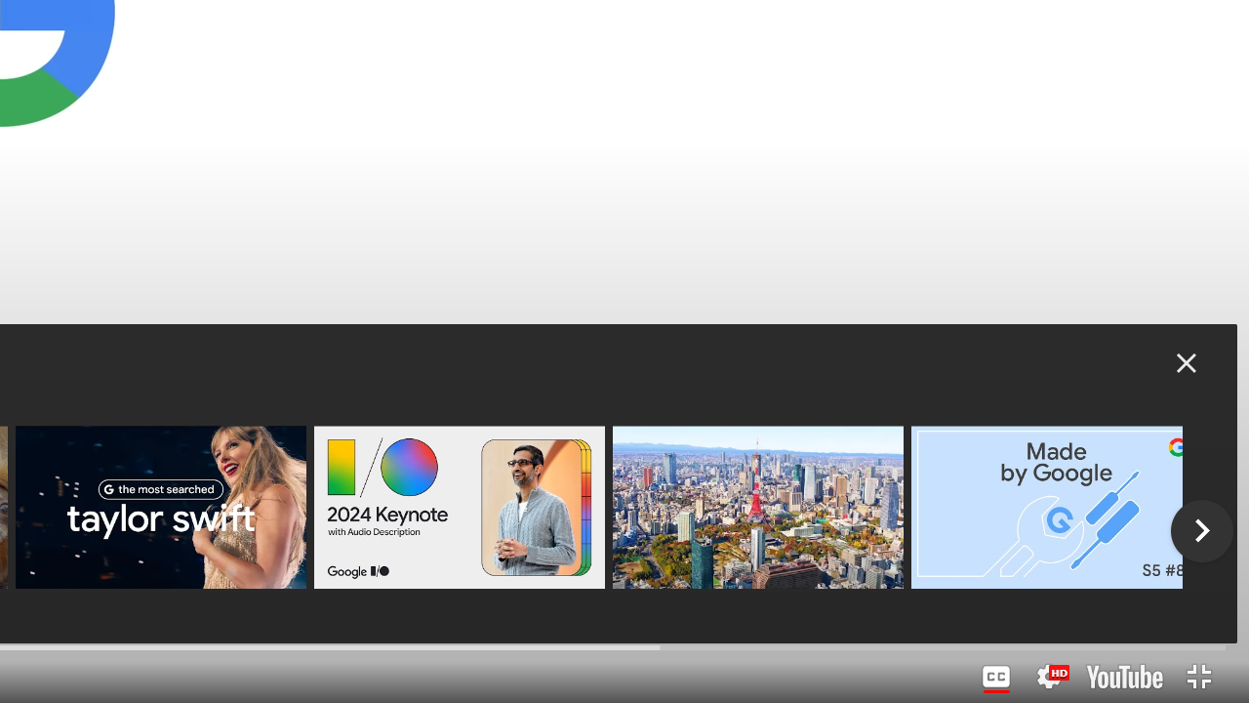 This screenshot has height=703, width=1249. What do you see at coordinates (756, 506) in the screenshot?
I see `'This is the new Google Earth'` at bounding box center [756, 506].